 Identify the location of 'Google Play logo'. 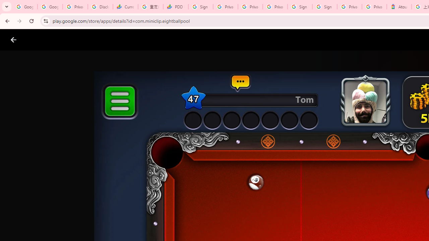
(37, 40).